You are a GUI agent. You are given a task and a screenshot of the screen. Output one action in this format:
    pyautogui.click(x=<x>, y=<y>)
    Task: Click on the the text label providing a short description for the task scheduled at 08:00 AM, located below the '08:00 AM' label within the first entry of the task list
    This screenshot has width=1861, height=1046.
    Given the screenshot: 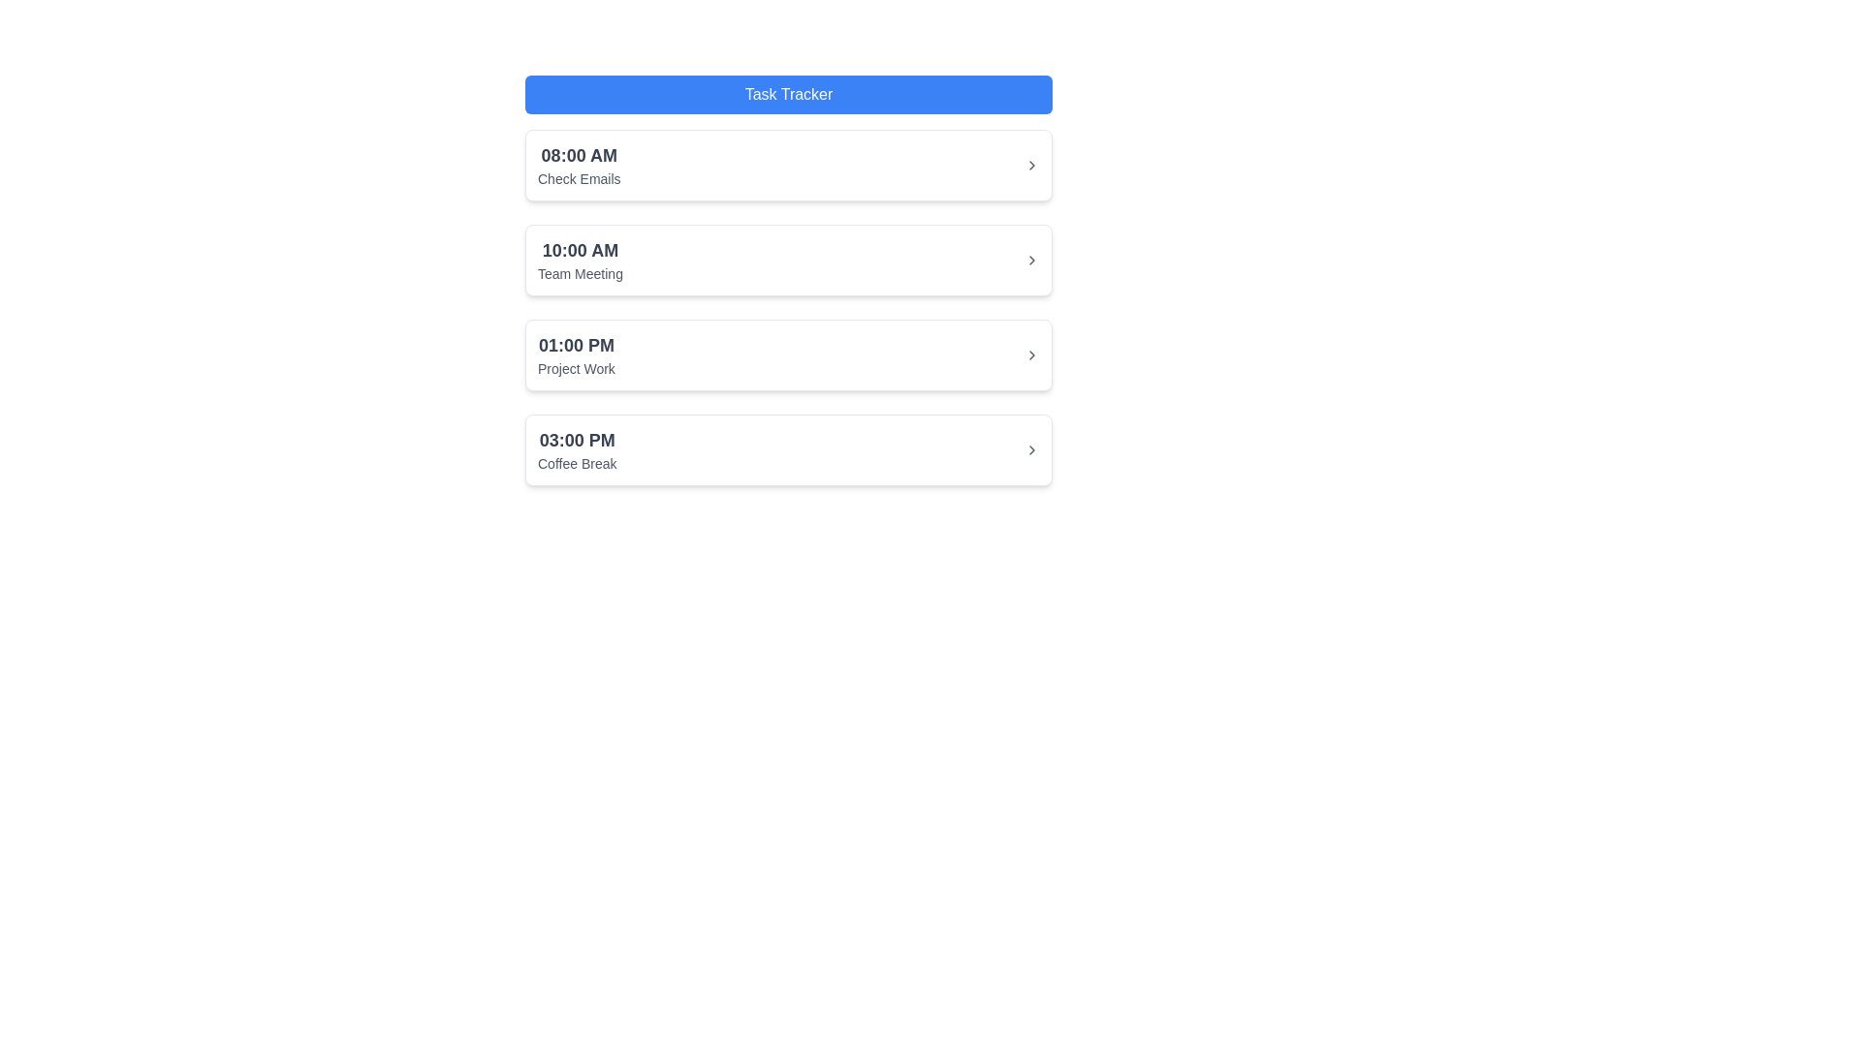 What is the action you would take?
    pyautogui.click(x=578, y=179)
    